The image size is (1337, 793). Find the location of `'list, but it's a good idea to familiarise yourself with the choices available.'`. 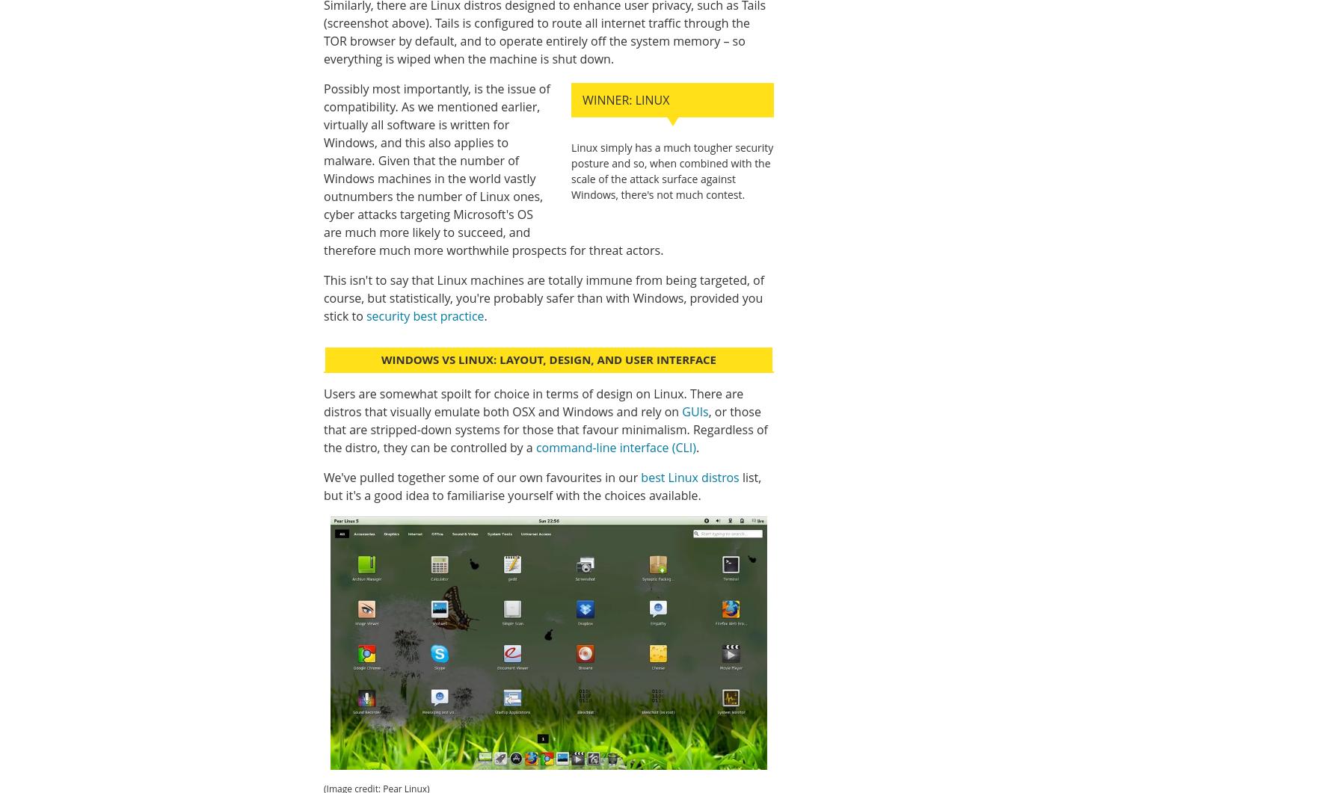

'list, but it's a good idea to familiarise yourself with the choices available.' is located at coordinates (541, 486).